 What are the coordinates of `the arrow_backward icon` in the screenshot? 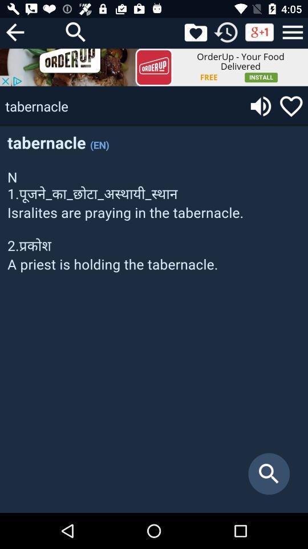 It's located at (14, 31).